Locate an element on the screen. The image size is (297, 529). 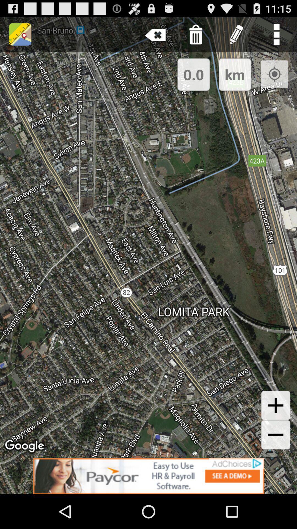
advertisement is located at coordinates (148, 476).